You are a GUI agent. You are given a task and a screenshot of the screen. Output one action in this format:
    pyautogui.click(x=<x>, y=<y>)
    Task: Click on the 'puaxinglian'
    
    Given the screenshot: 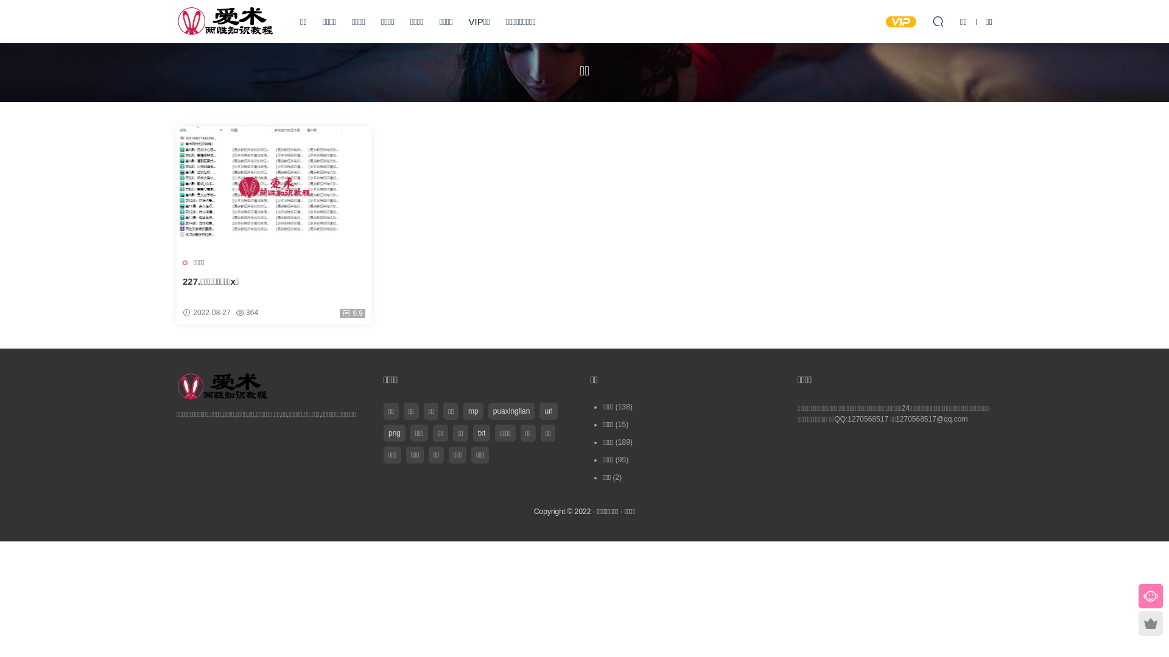 What is the action you would take?
    pyautogui.click(x=511, y=411)
    